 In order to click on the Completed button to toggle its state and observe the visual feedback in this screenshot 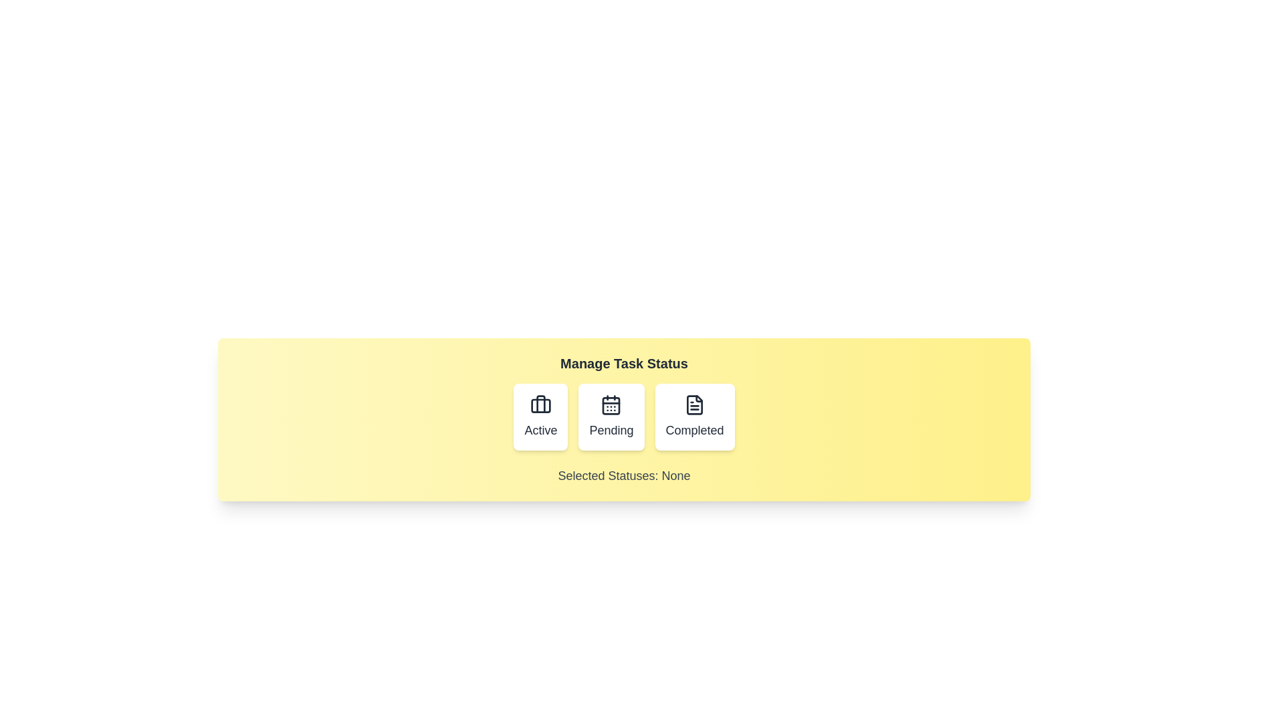, I will do `click(695, 416)`.